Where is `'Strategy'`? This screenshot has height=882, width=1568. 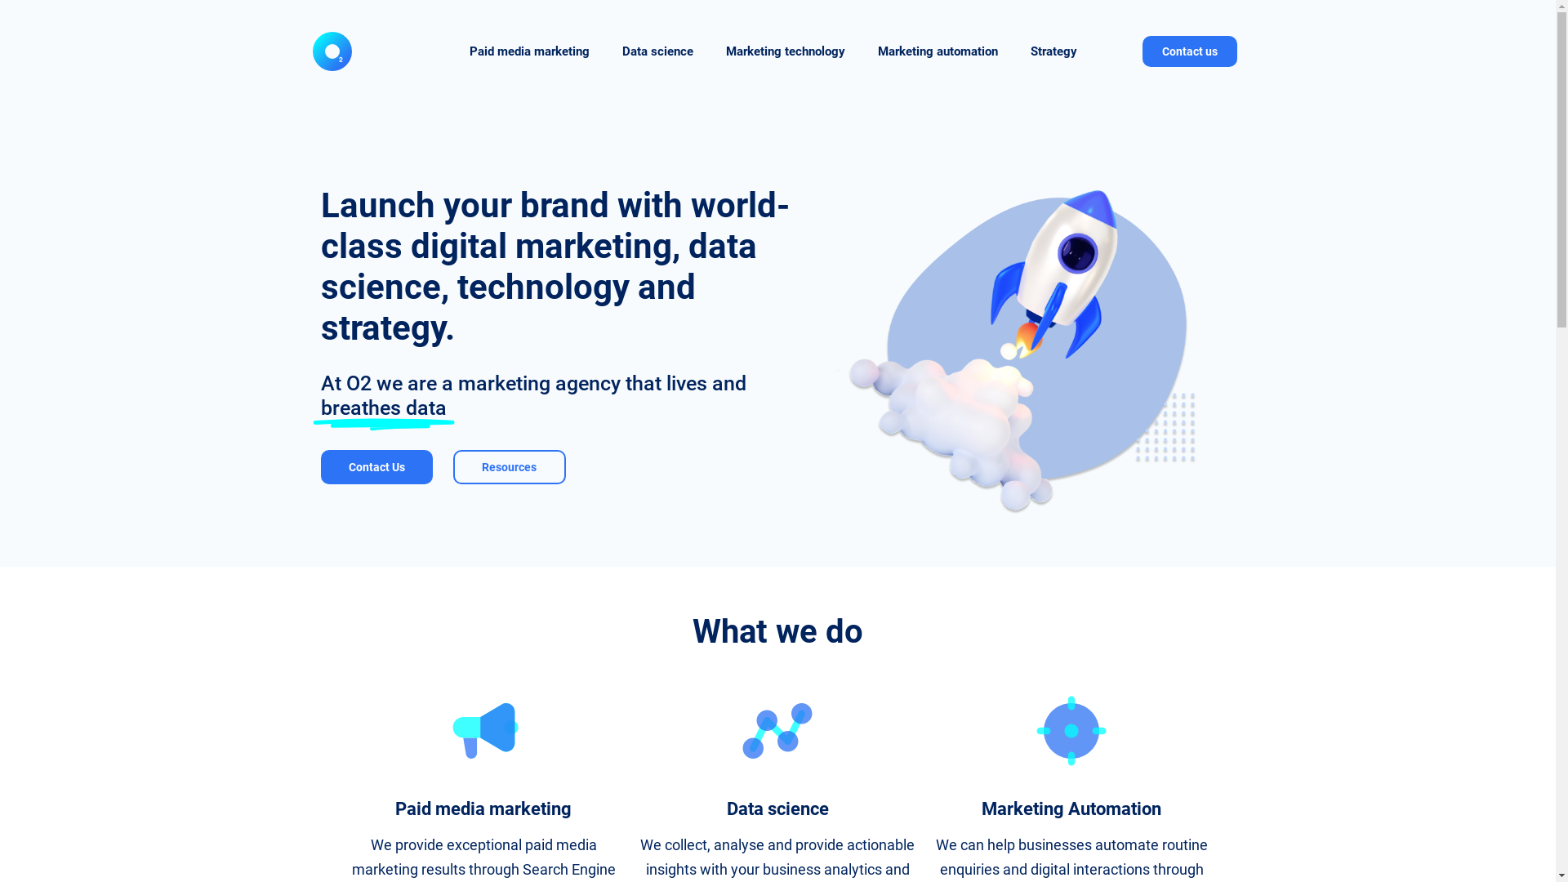 'Strategy' is located at coordinates (1053, 50).